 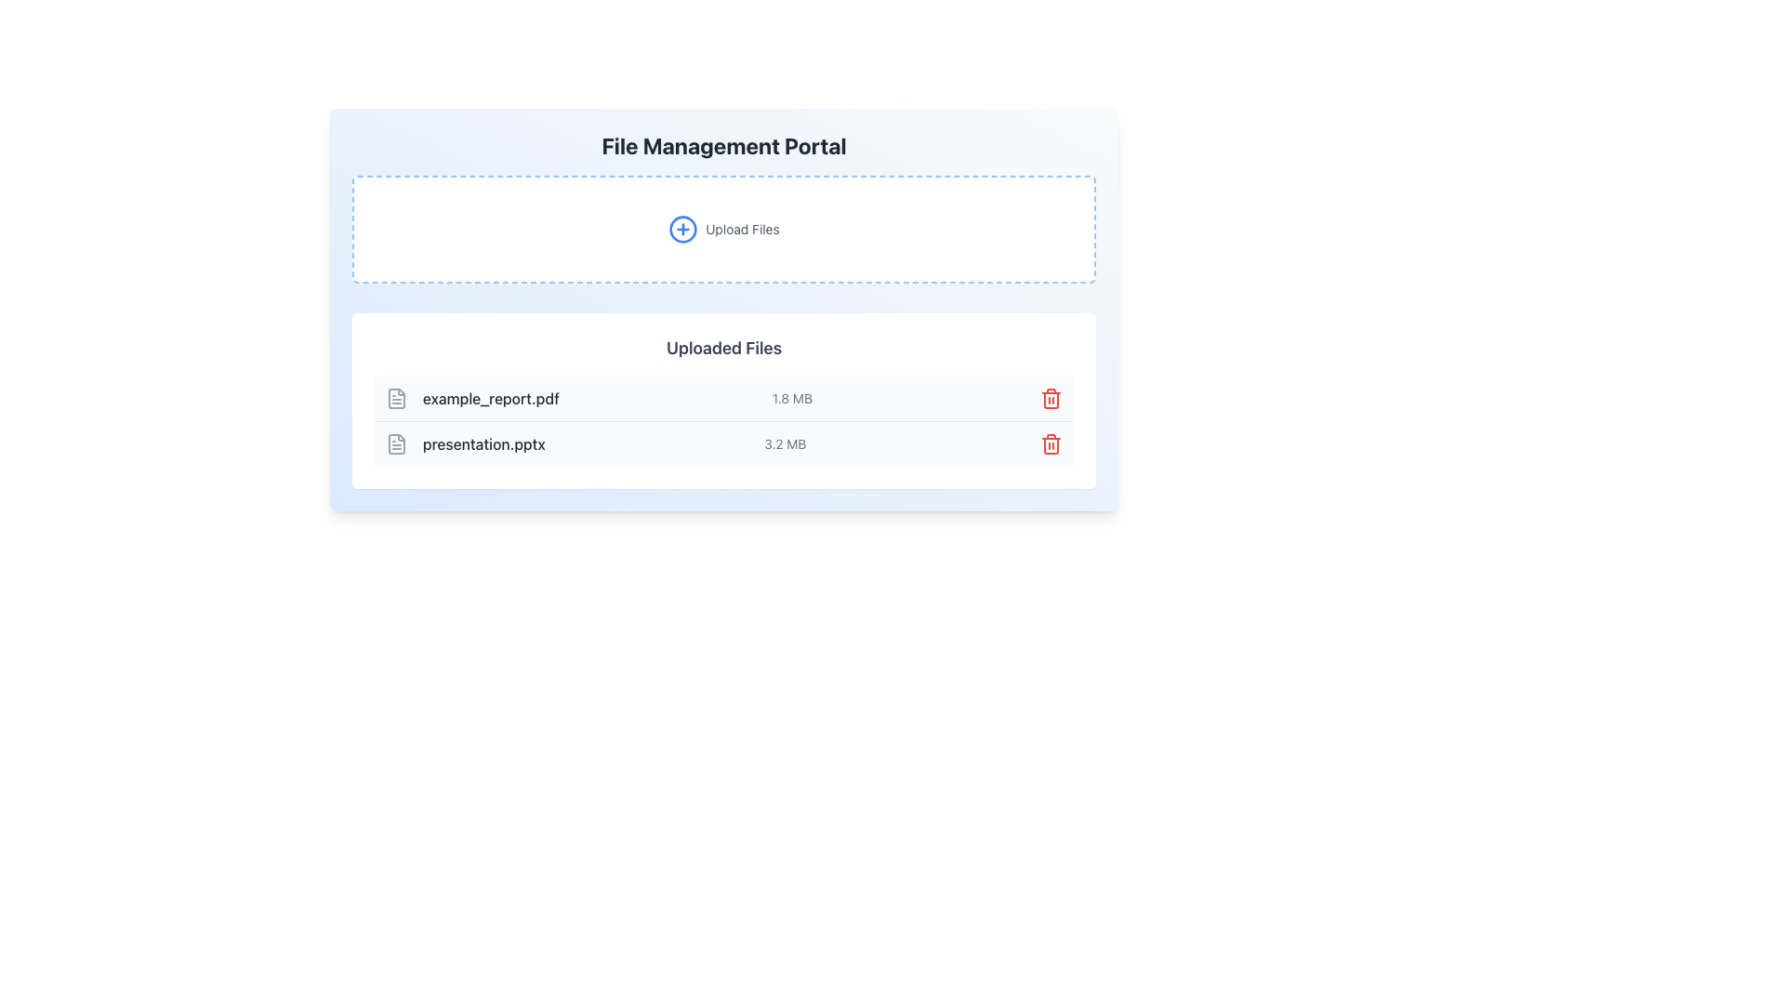 I want to click on the text file icon located to the left of the 'example_report.pdf' label, so click(x=396, y=397).